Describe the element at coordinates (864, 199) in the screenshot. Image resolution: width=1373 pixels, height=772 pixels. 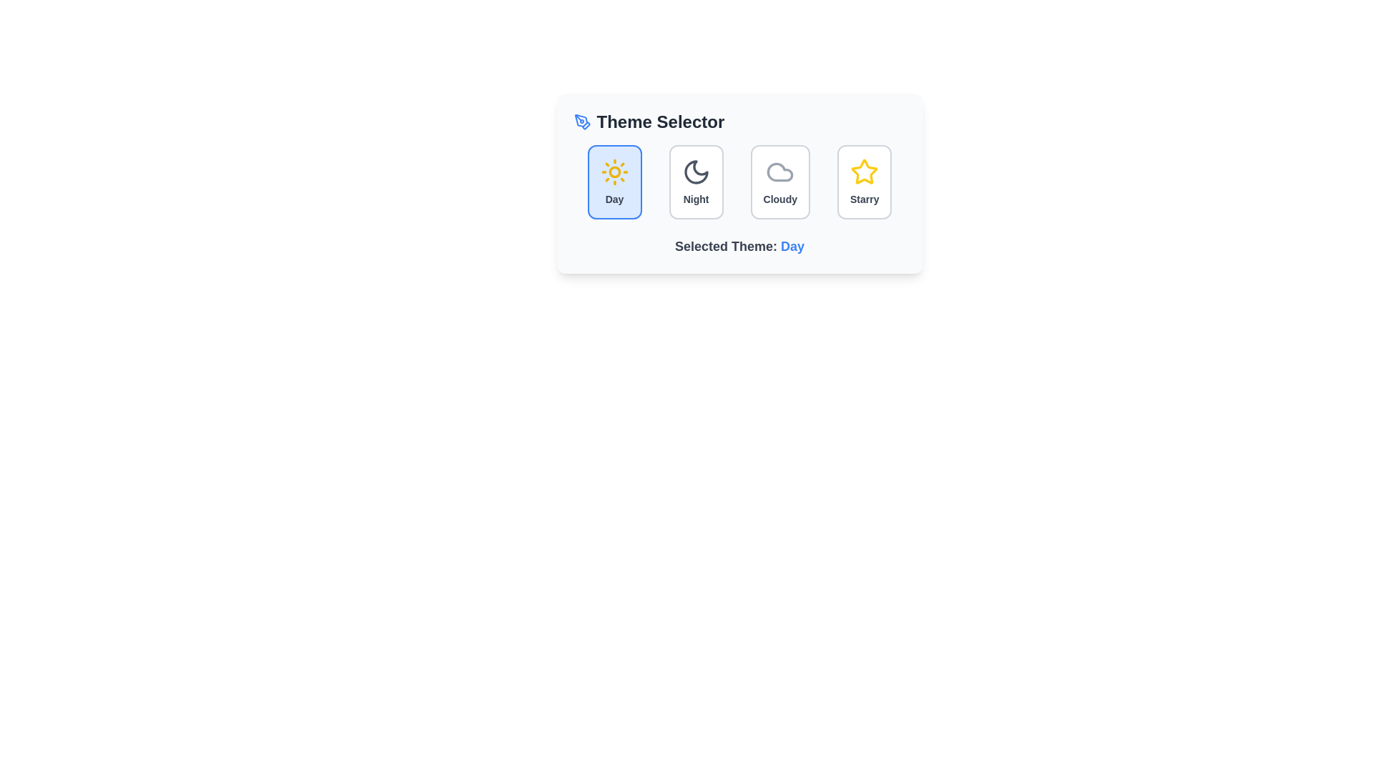
I see `the descriptive Text label that indicates the theme selection for the star icon above it` at that location.